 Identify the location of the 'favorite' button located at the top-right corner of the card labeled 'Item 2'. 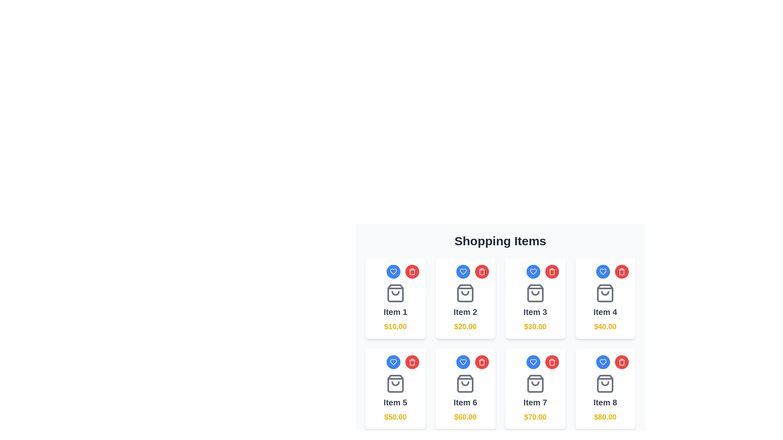
(465, 272).